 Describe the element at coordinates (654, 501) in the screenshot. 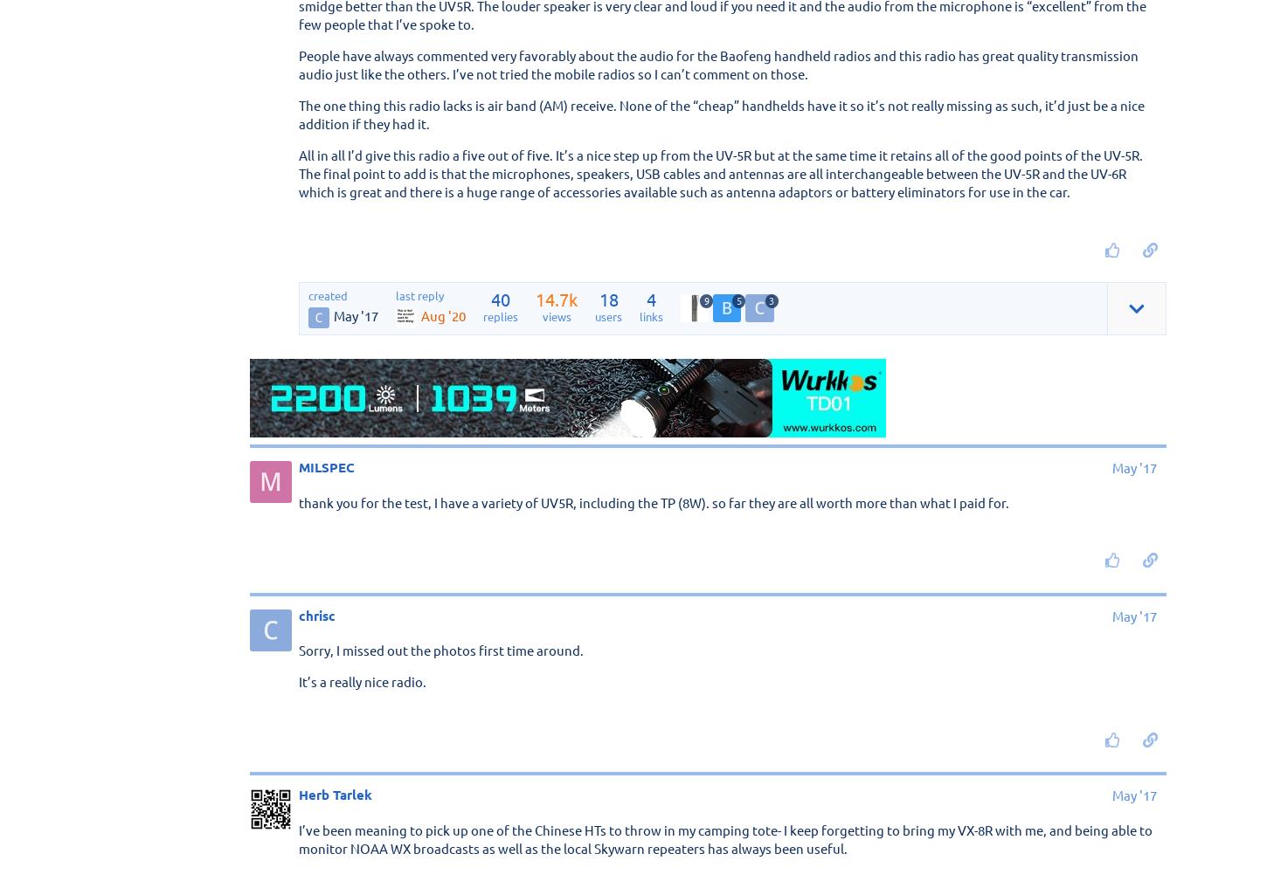

I see `'thank you for the test, I have a variety of UV5R, including the TP (8W). so far they are all worth more than what I paid for.'` at that location.